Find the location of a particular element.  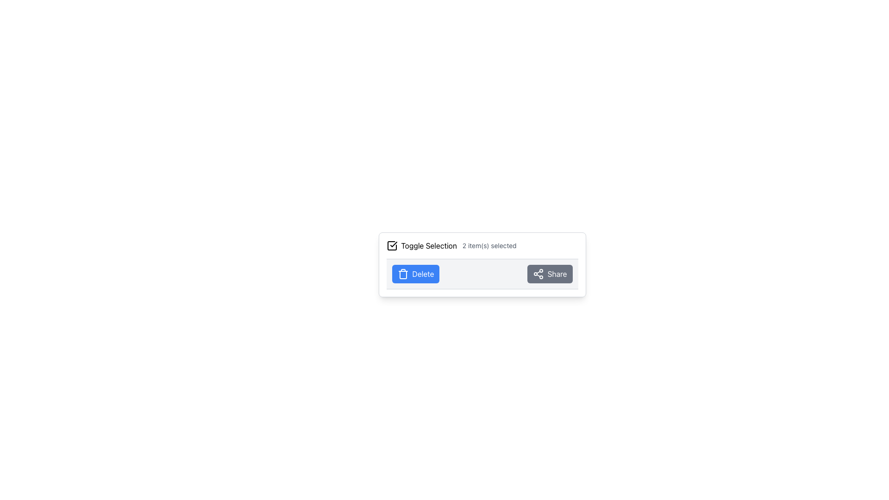

the 'Share' button, which is the second action button in a row, located to the right of the blue 'Delete' button, featuring a graphic icon of three circles connected by lines is located at coordinates (538, 273).